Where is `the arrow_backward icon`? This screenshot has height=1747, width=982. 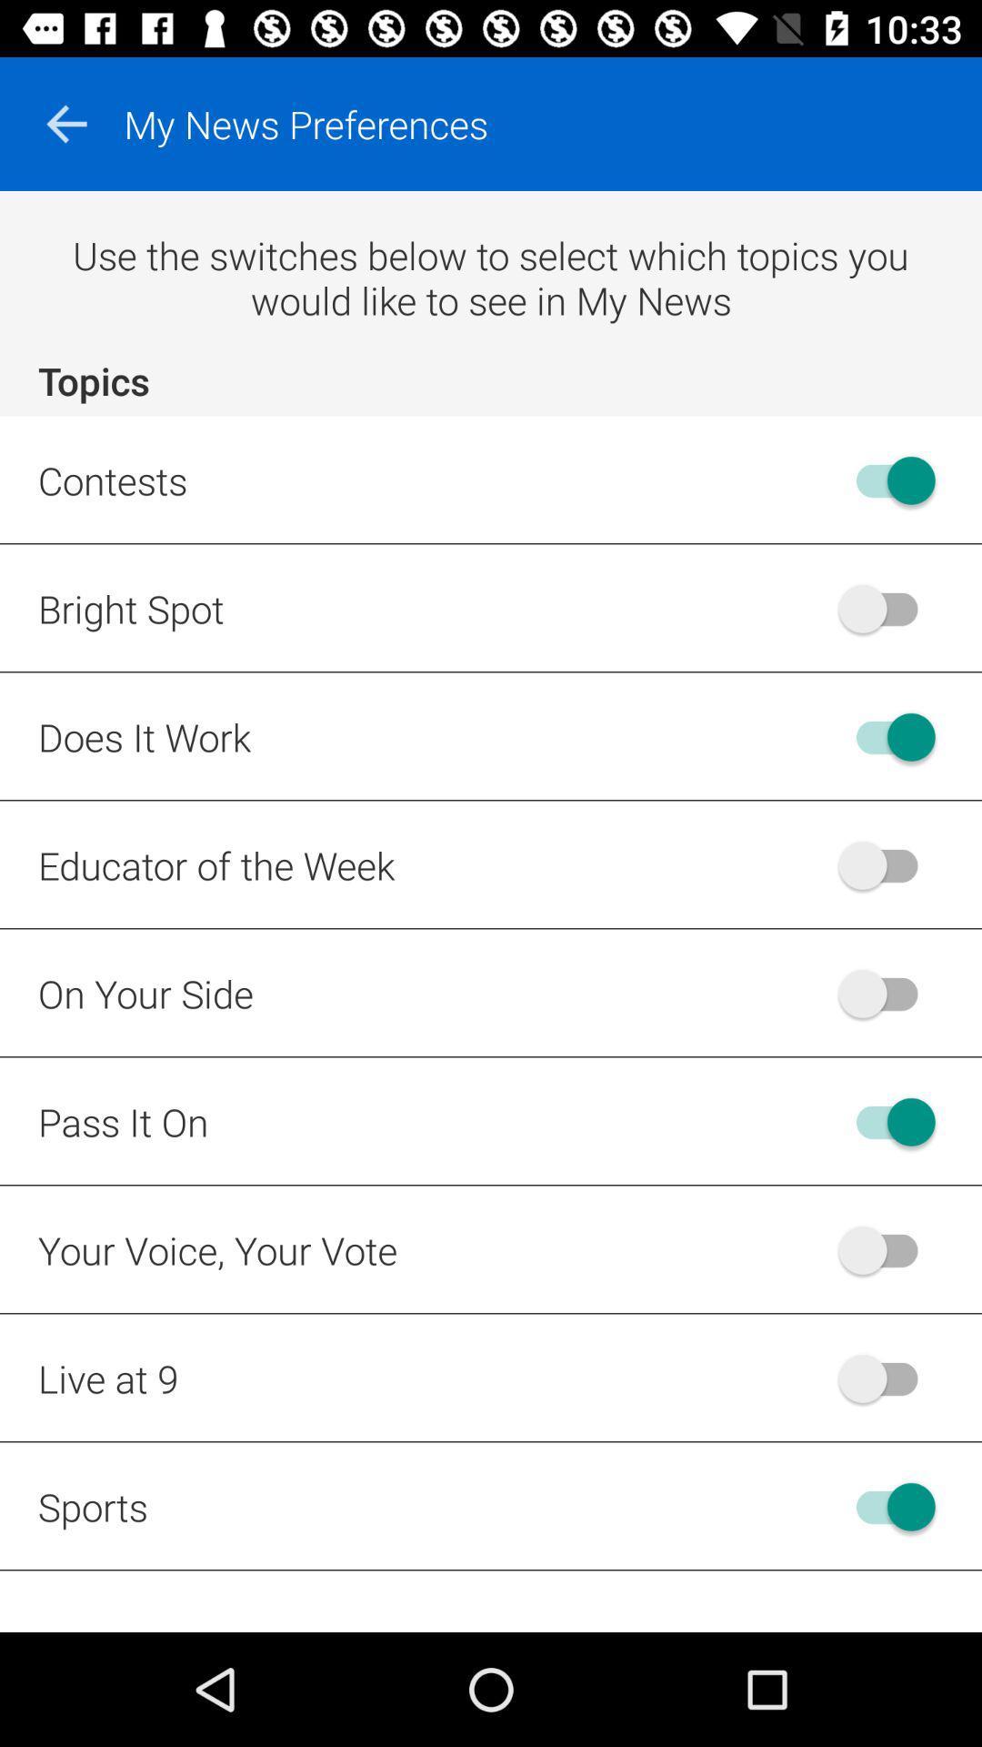 the arrow_backward icon is located at coordinates (65, 123).